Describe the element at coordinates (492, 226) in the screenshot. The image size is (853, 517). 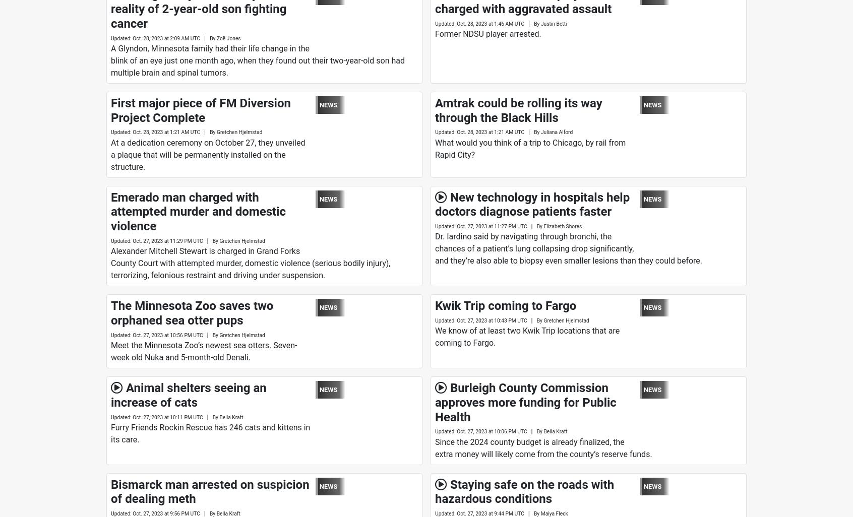
I see `'Oct. 27, 2023 at 11:27 PM UTC'` at that location.